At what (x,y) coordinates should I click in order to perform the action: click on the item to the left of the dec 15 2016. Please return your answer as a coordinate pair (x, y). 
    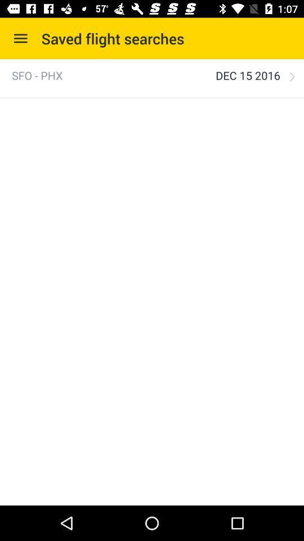
    Looking at the image, I should click on (37, 75).